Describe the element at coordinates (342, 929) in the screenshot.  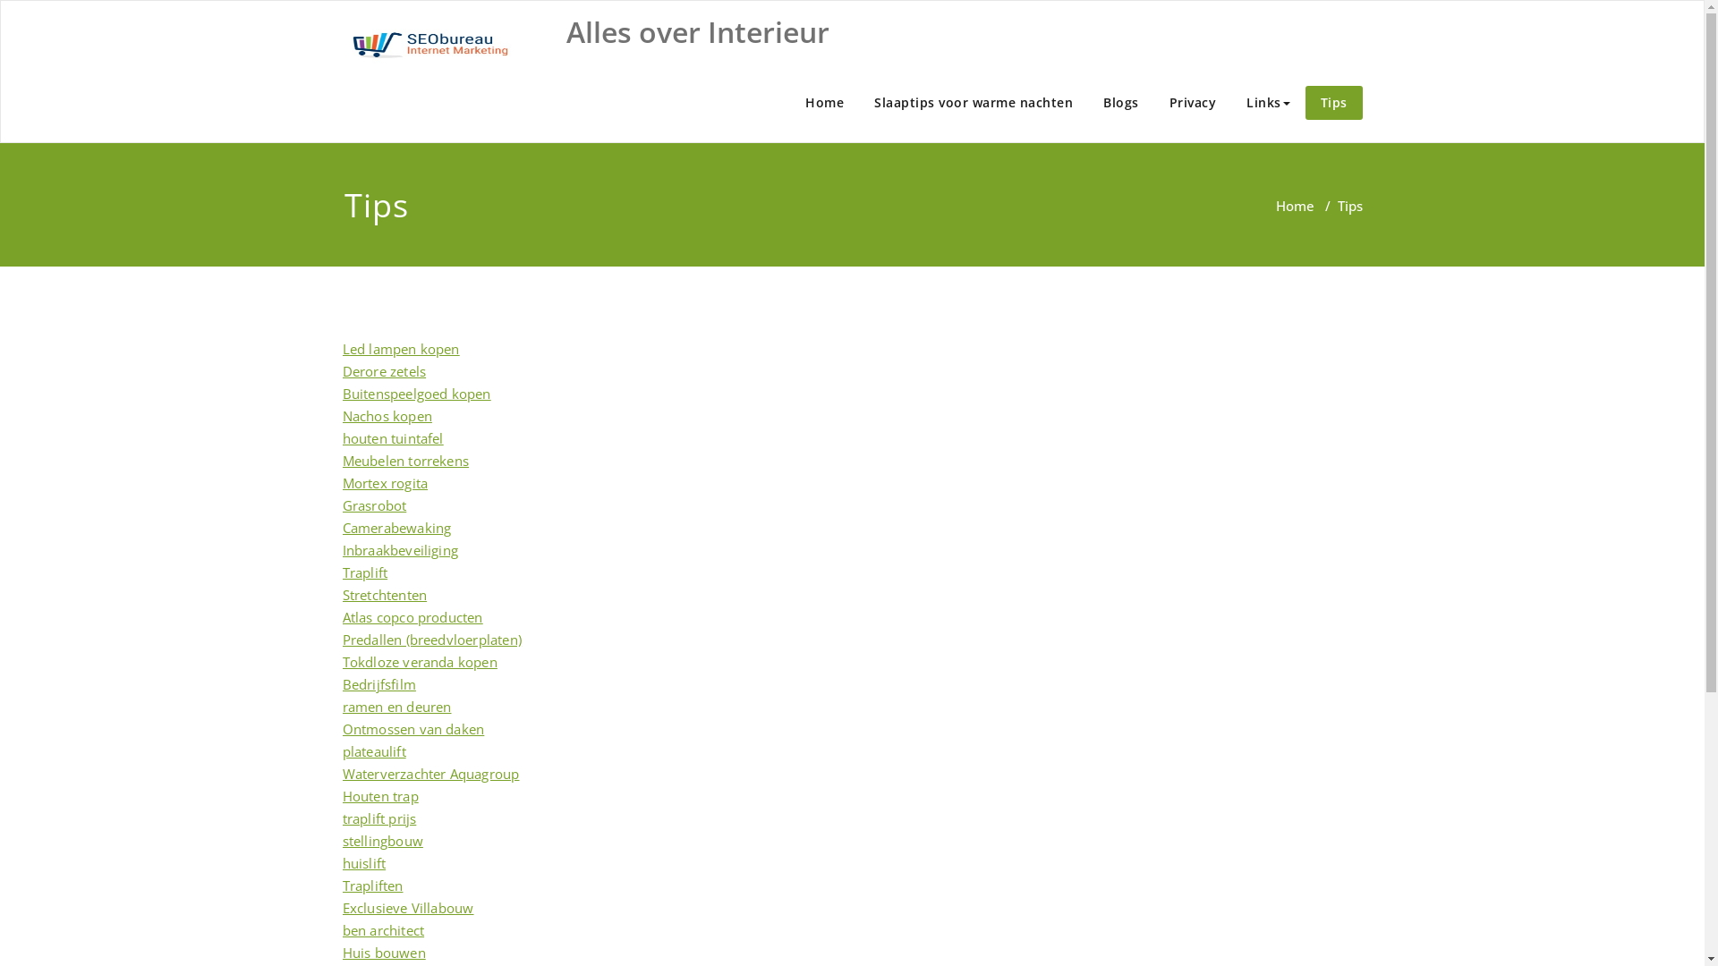
I see `'ben architect'` at that location.